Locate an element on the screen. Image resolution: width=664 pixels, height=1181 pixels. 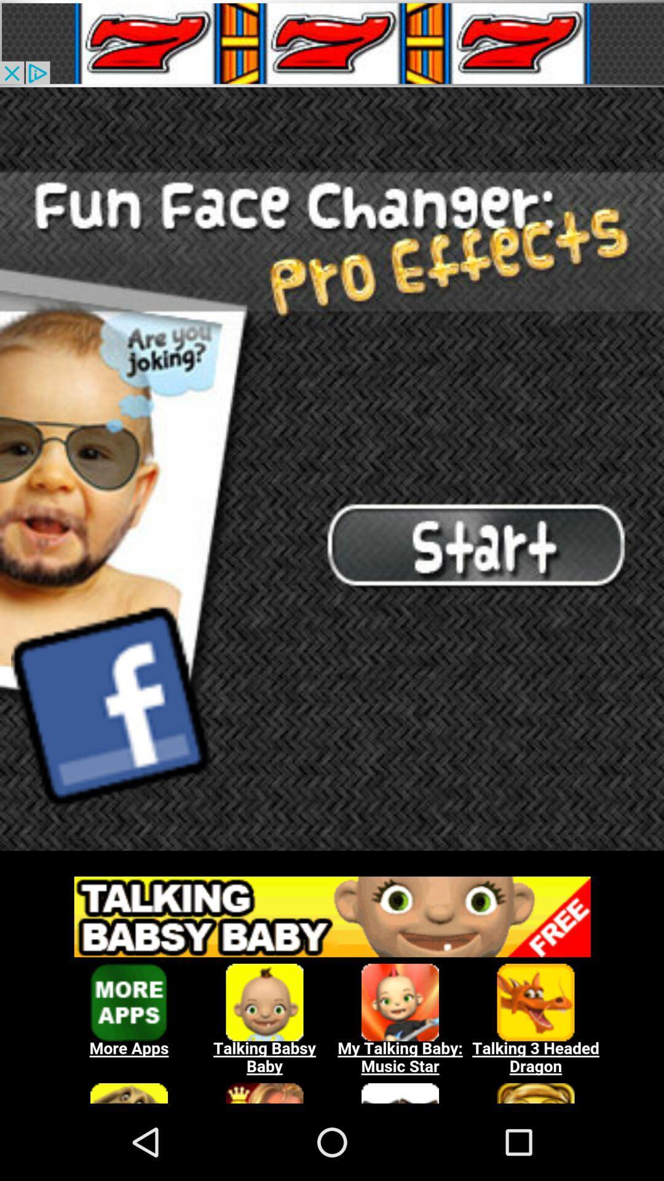
facebook design is located at coordinates (111, 706).